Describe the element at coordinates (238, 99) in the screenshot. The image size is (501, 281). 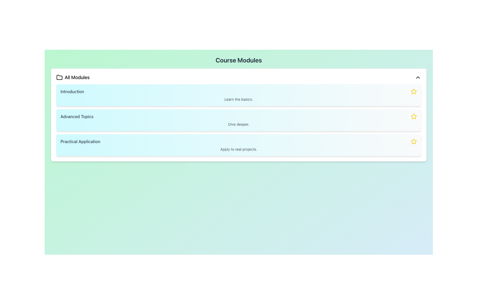
I see `the text label displaying 'Learn the basics.' which is located below the title 'Introduction' in the first course module card` at that location.